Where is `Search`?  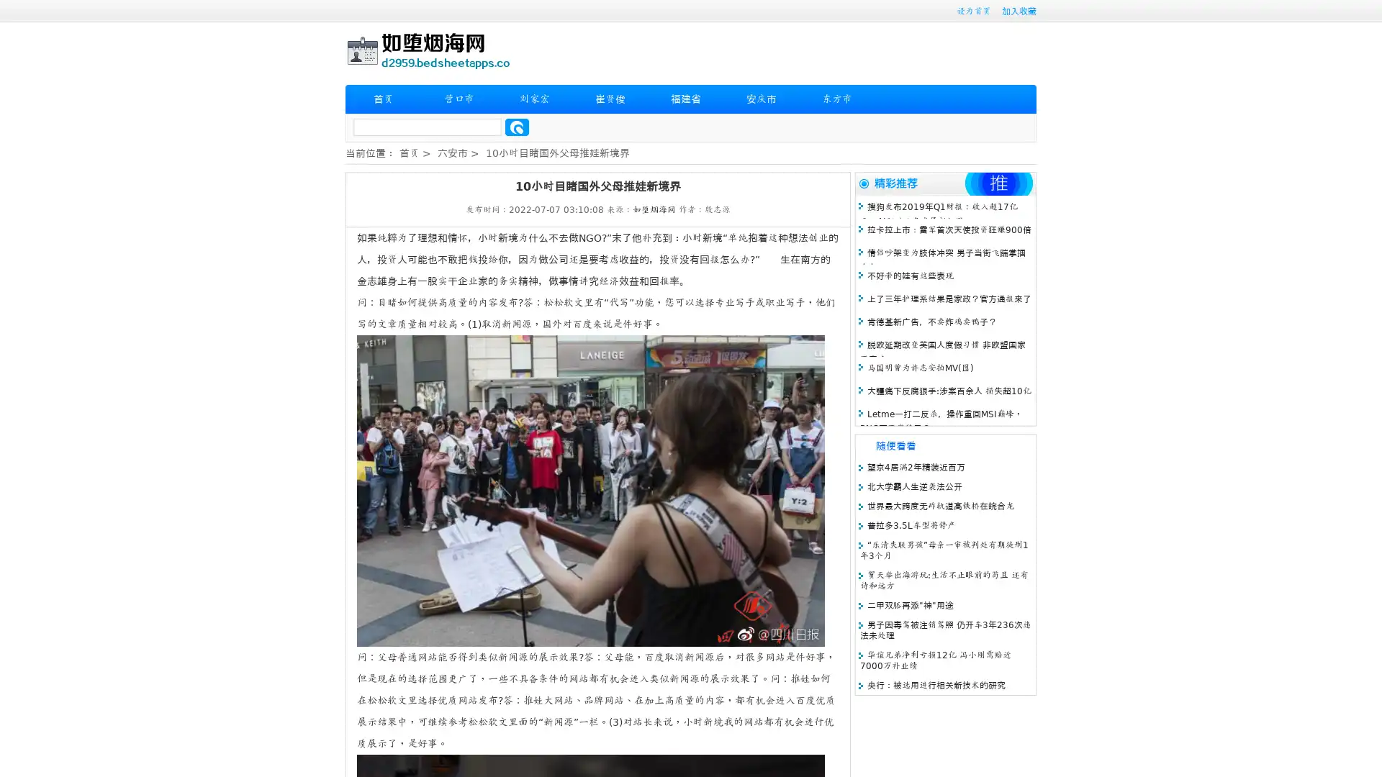
Search is located at coordinates (517, 127).